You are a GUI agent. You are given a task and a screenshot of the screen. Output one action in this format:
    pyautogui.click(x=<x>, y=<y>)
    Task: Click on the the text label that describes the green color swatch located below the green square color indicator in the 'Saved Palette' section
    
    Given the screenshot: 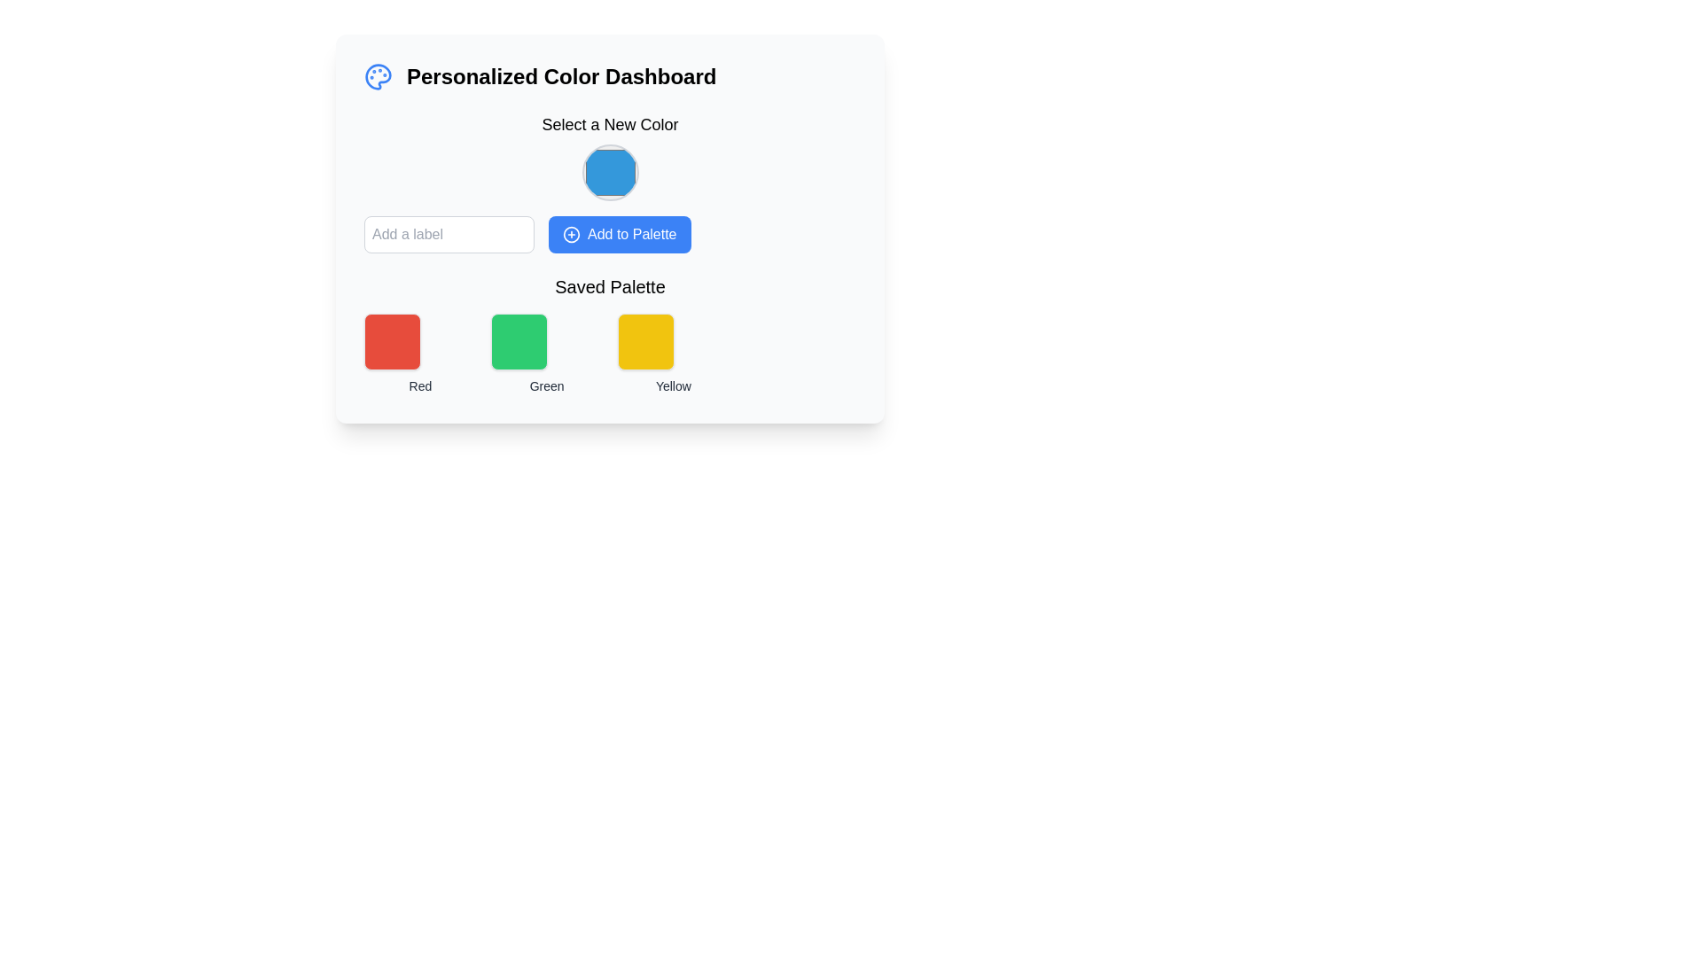 What is the action you would take?
    pyautogui.click(x=546, y=385)
    